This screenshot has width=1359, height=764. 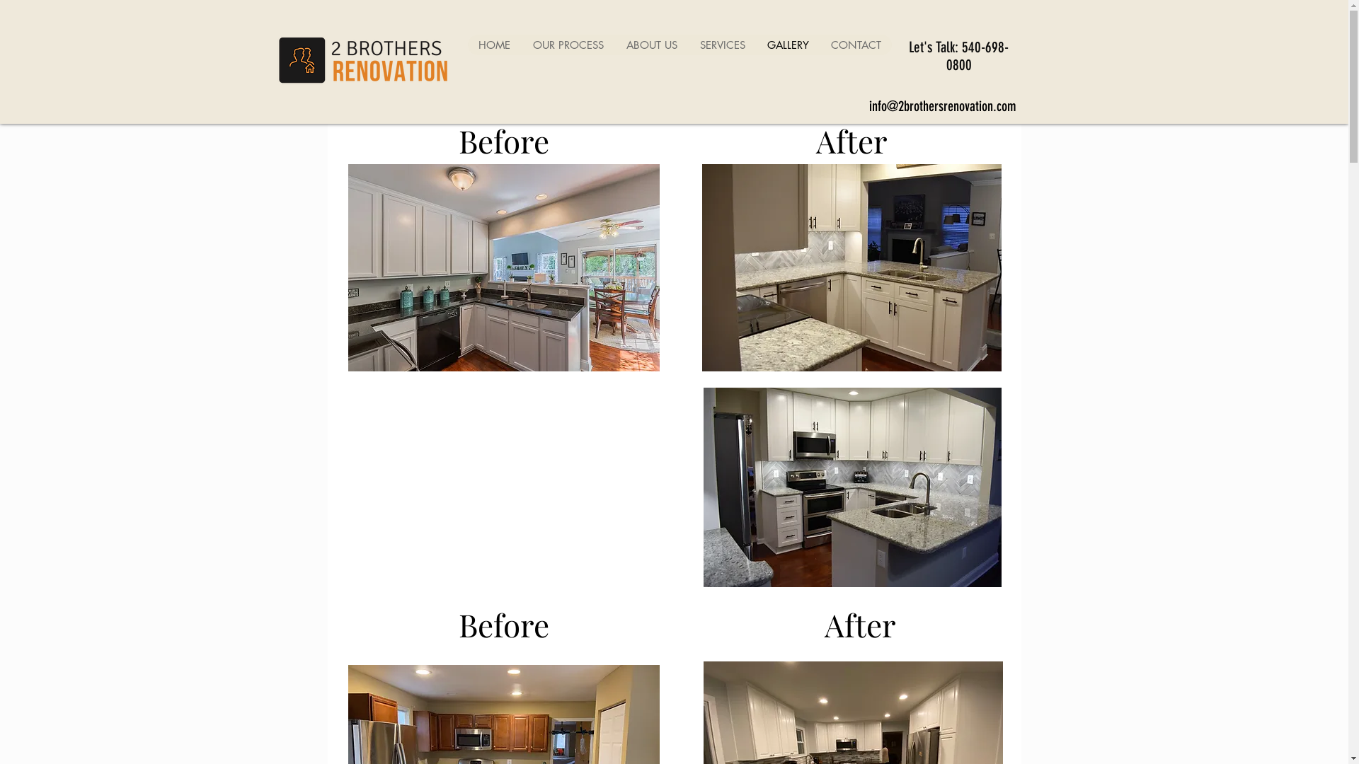 What do you see at coordinates (819, 44) in the screenshot?
I see `'CONTACT'` at bounding box center [819, 44].